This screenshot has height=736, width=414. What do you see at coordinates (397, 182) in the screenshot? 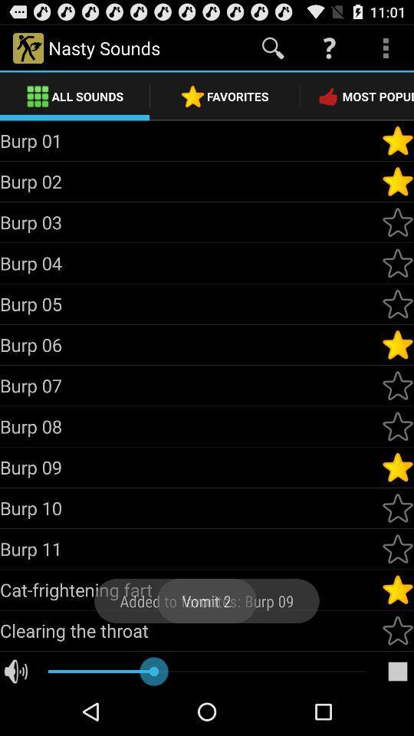
I see `a place to deselect the burp 02 file 's gold star` at bounding box center [397, 182].